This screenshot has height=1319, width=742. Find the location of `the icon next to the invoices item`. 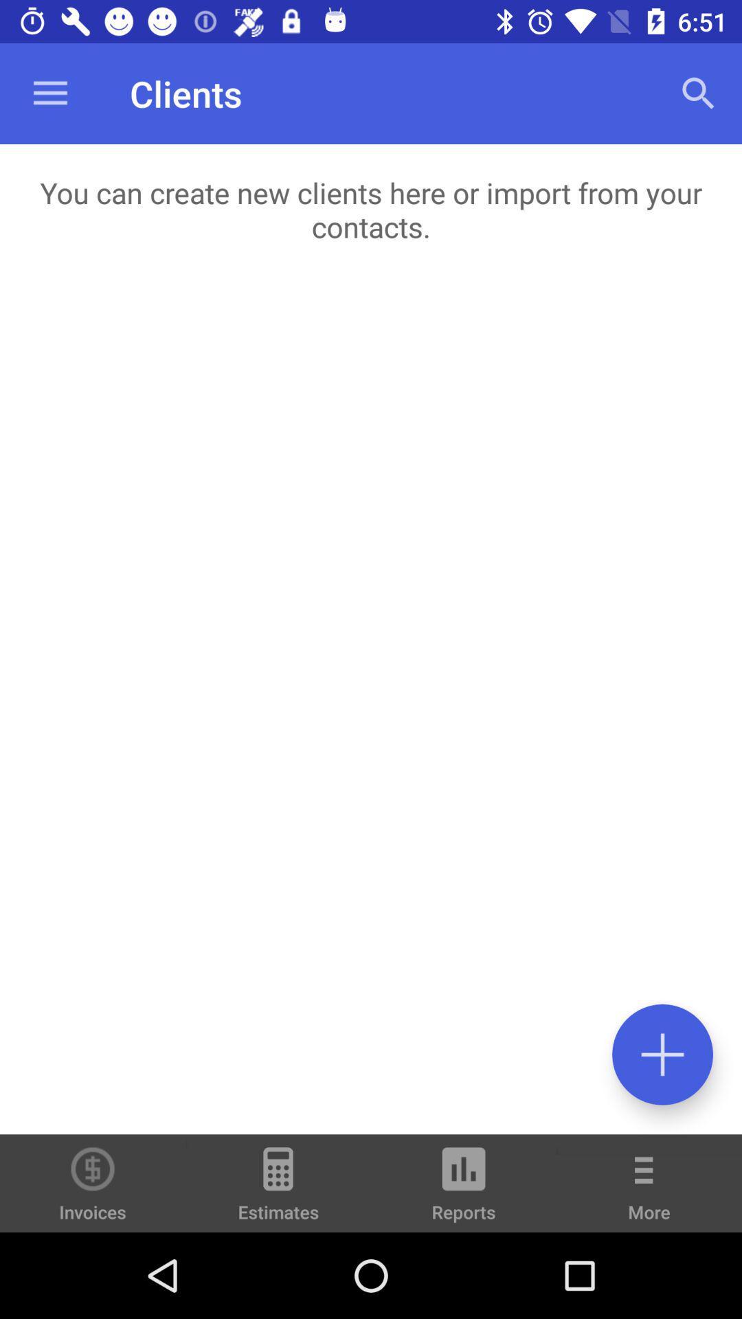

the icon next to the invoices item is located at coordinates (278, 1189).